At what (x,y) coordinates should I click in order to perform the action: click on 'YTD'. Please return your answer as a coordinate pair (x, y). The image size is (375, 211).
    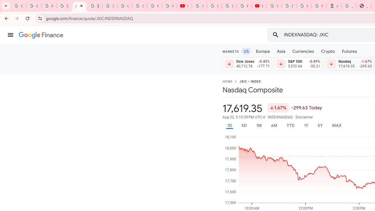
    Looking at the image, I should click on (290, 125).